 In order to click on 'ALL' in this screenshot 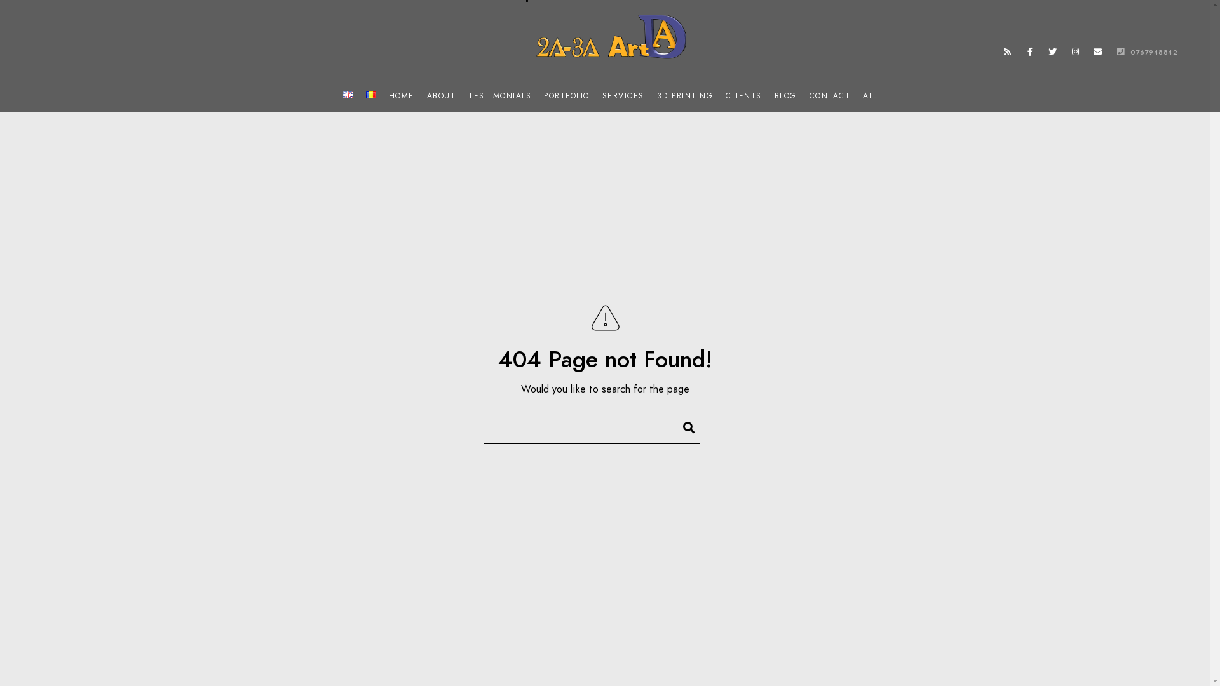, I will do `click(869, 95)`.